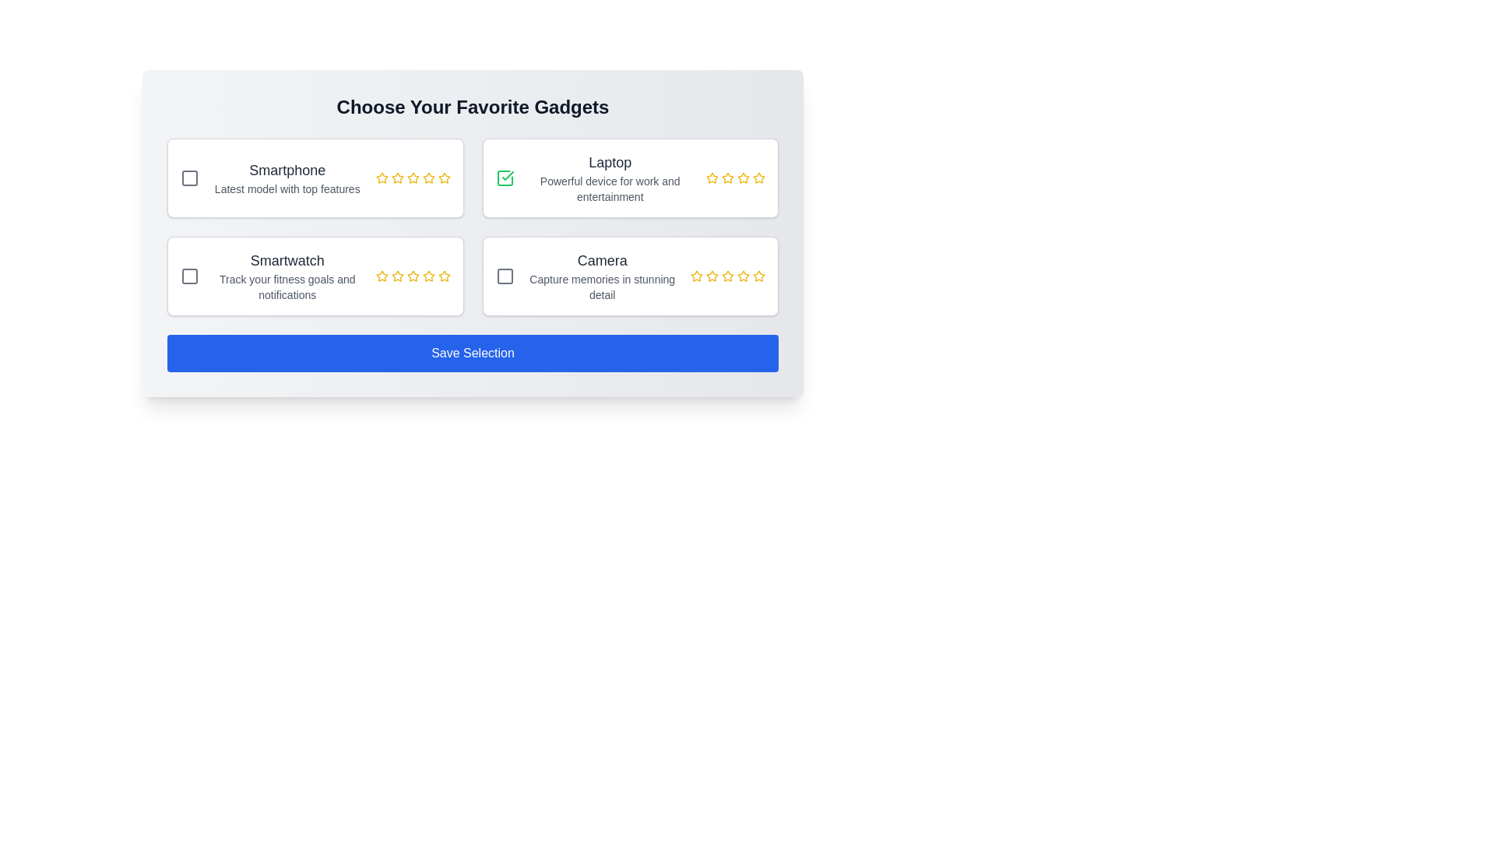 Image resolution: width=1495 pixels, height=841 pixels. I want to click on the first star icon in the five-star rating system for the 'Smartphone' option, located in the 'Choose Your Favorite Gadgets' section, so click(382, 177).